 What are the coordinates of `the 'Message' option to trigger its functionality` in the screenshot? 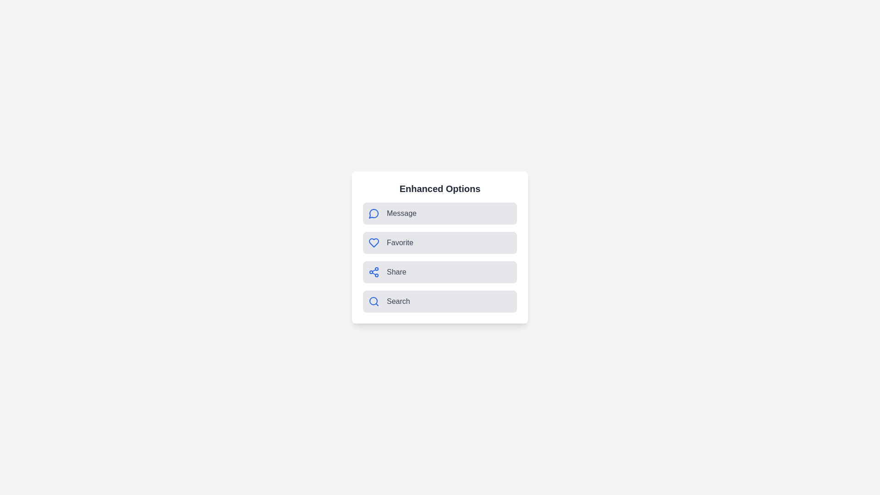 It's located at (440, 214).